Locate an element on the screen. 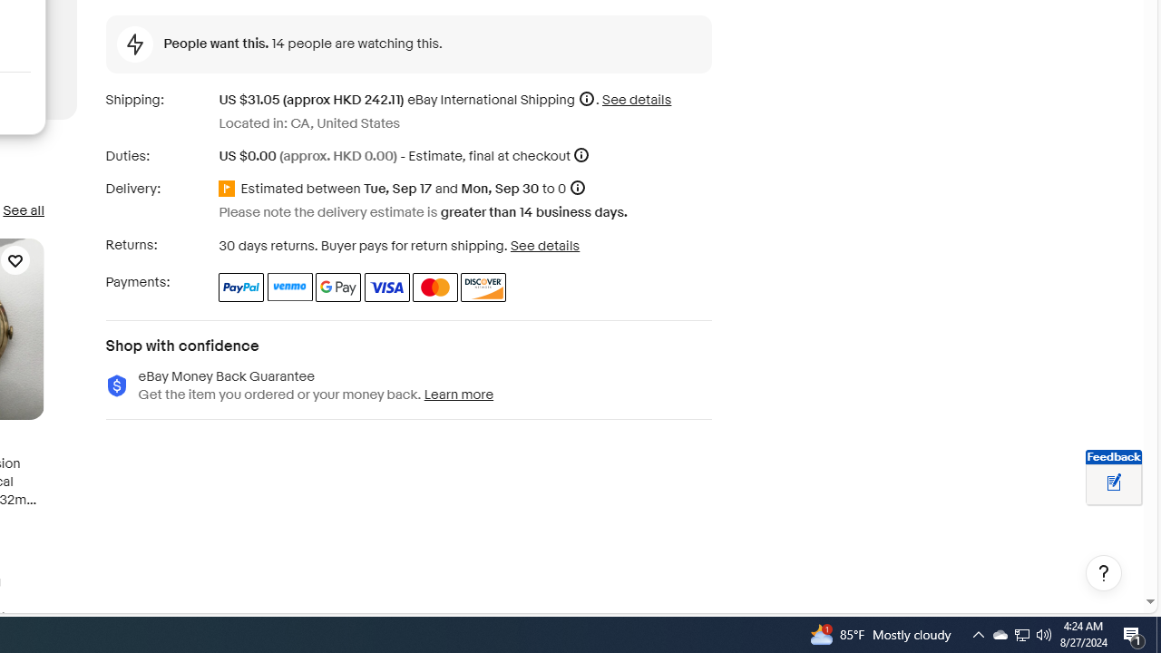 The height and width of the screenshot is (653, 1161). 'Delivery alert flag' is located at coordinates (229, 190).